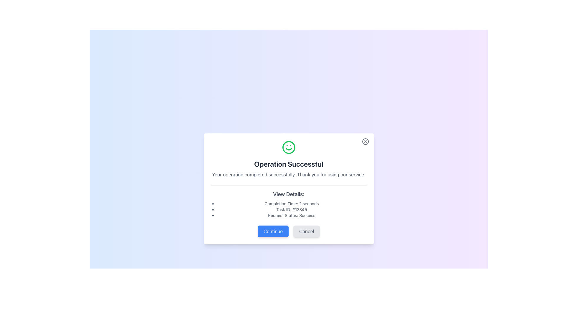  I want to click on the Text Display element that shows the time taken to complete an operation, which is located under 'View Details' and above 'Task ID: #12345', so click(292, 203).